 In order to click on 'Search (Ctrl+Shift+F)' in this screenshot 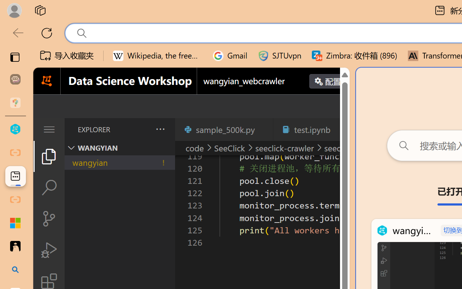, I will do `click(48, 187)`.